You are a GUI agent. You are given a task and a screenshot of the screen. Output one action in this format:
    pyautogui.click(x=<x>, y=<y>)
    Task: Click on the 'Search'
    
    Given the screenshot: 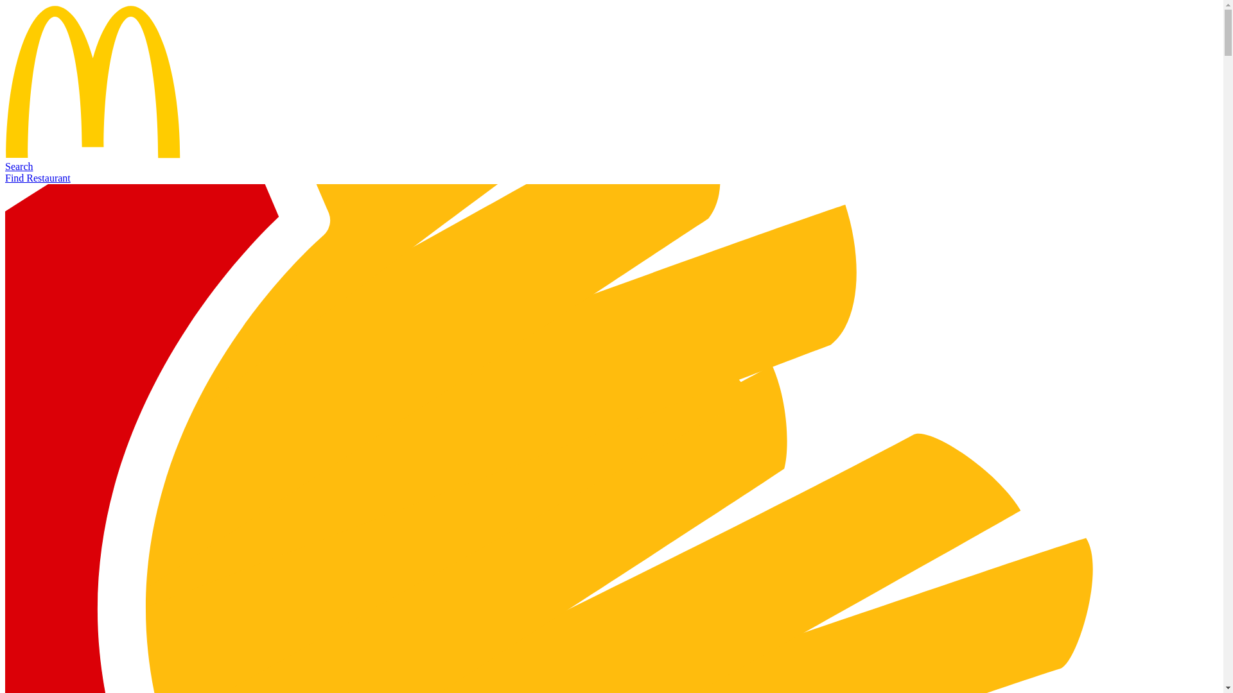 What is the action you would take?
    pyautogui.click(x=19, y=165)
    